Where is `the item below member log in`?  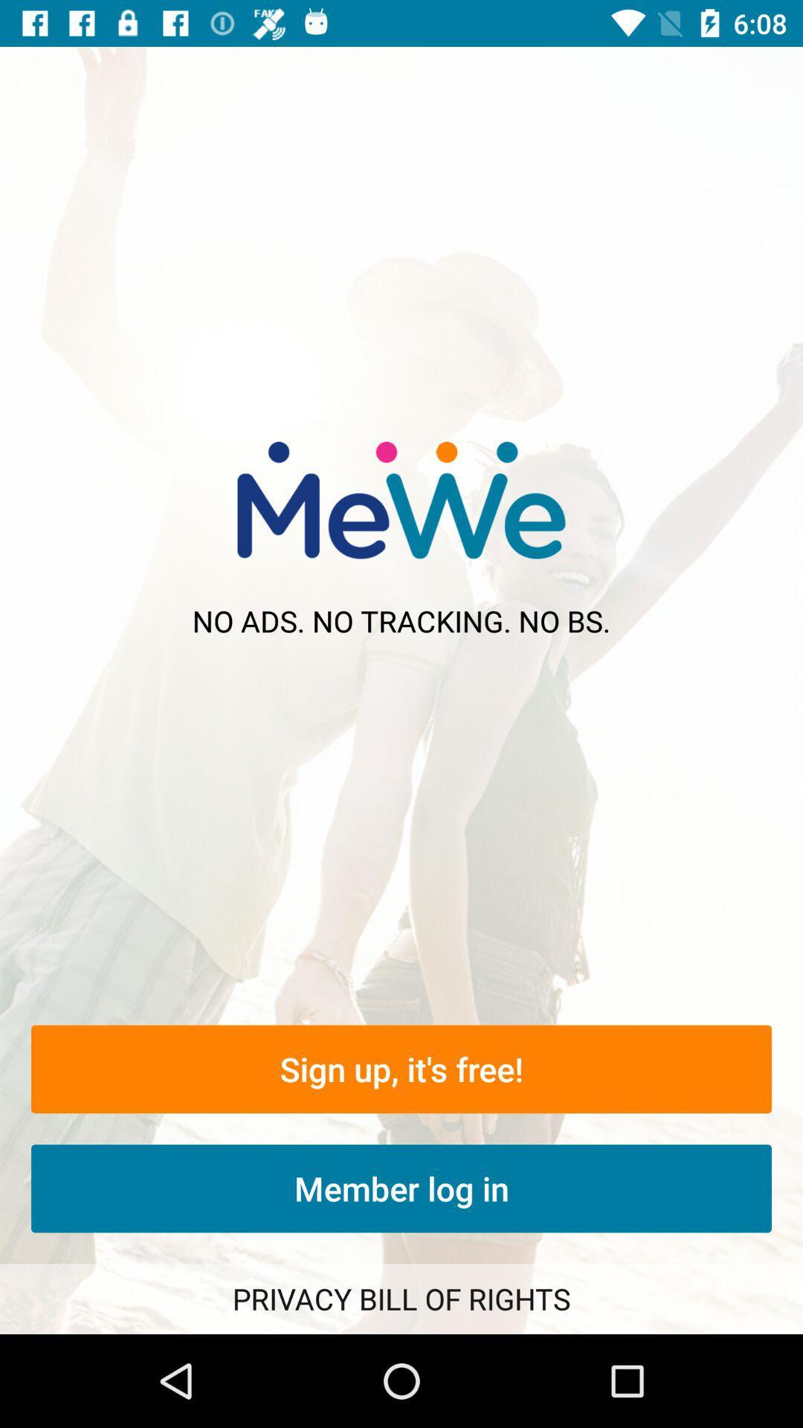 the item below member log in is located at coordinates (401, 1298).